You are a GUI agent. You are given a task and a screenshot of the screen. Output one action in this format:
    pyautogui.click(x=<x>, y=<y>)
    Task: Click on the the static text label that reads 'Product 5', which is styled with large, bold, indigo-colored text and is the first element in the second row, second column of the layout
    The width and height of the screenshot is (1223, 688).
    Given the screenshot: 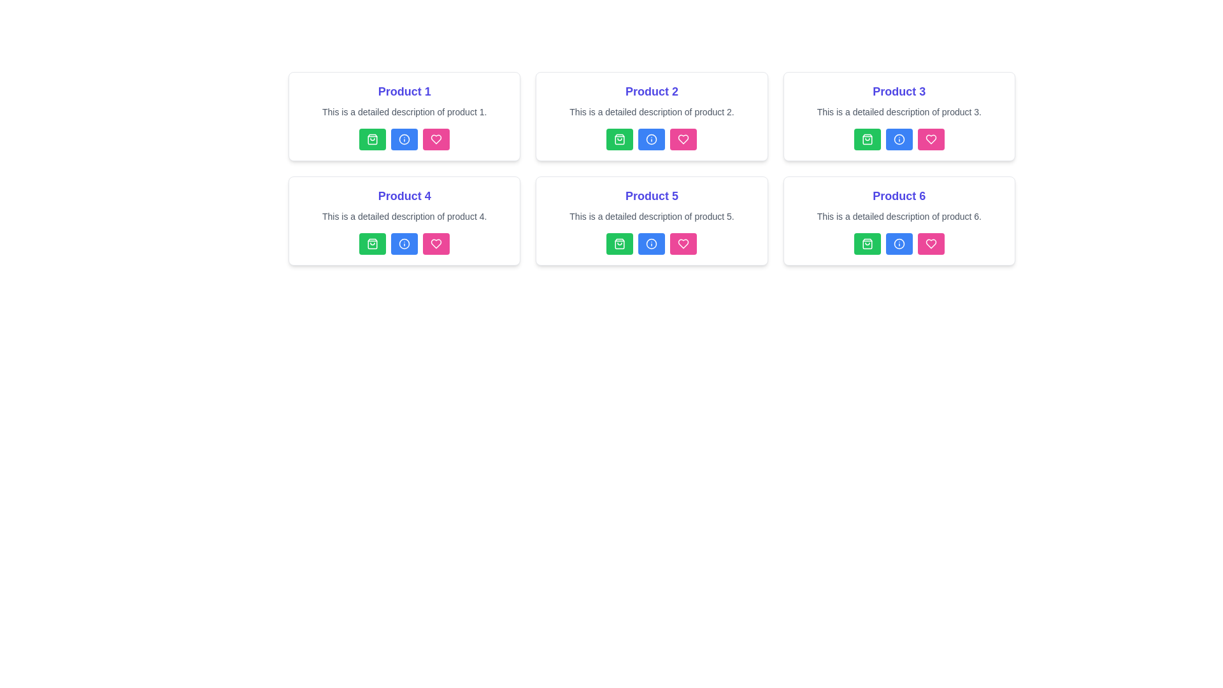 What is the action you would take?
    pyautogui.click(x=652, y=196)
    